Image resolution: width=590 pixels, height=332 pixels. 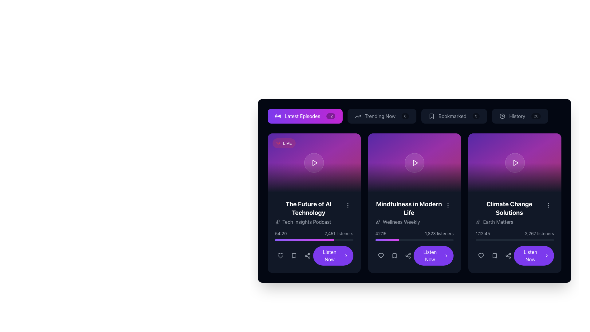 What do you see at coordinates (495, 256) in the screenshot?
I see `the bookmark icon button, which is the second icon in the horizontal set of three icons at the bottom of the rightmost card in a row of three cards` at bounding box center [495, 256].